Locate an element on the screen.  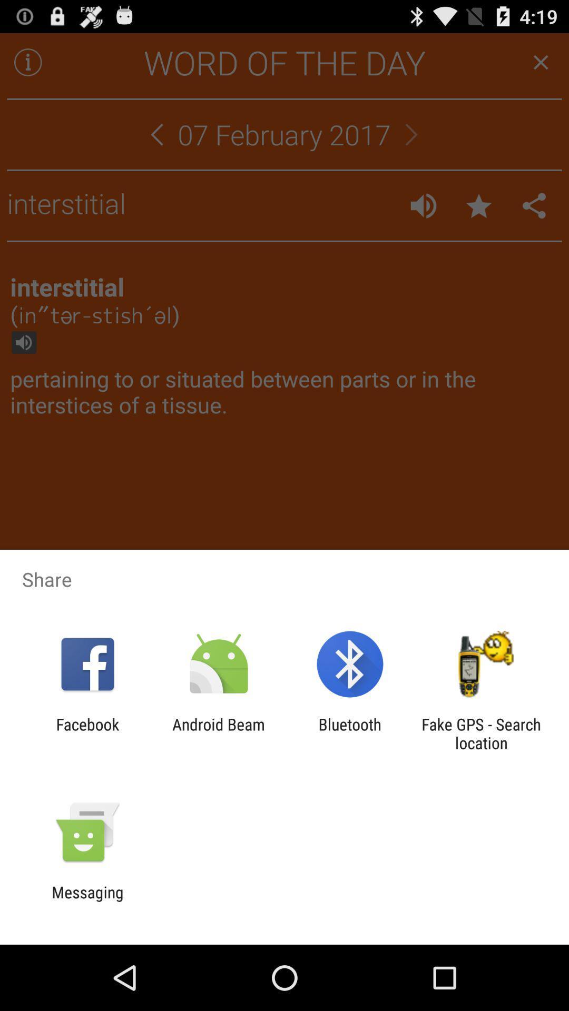
messaging item is located at coordinates (87, 901).